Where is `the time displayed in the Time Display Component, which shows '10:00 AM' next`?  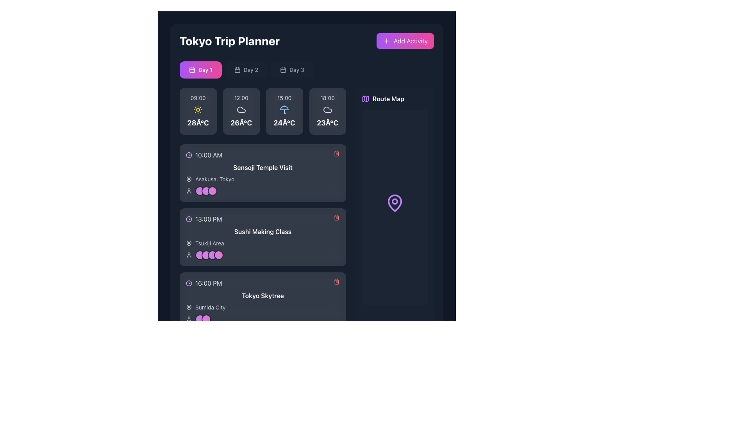
the time displayed in the Time Display Component, which shows '10:00 AM' next is located at coordinates (204, 155).